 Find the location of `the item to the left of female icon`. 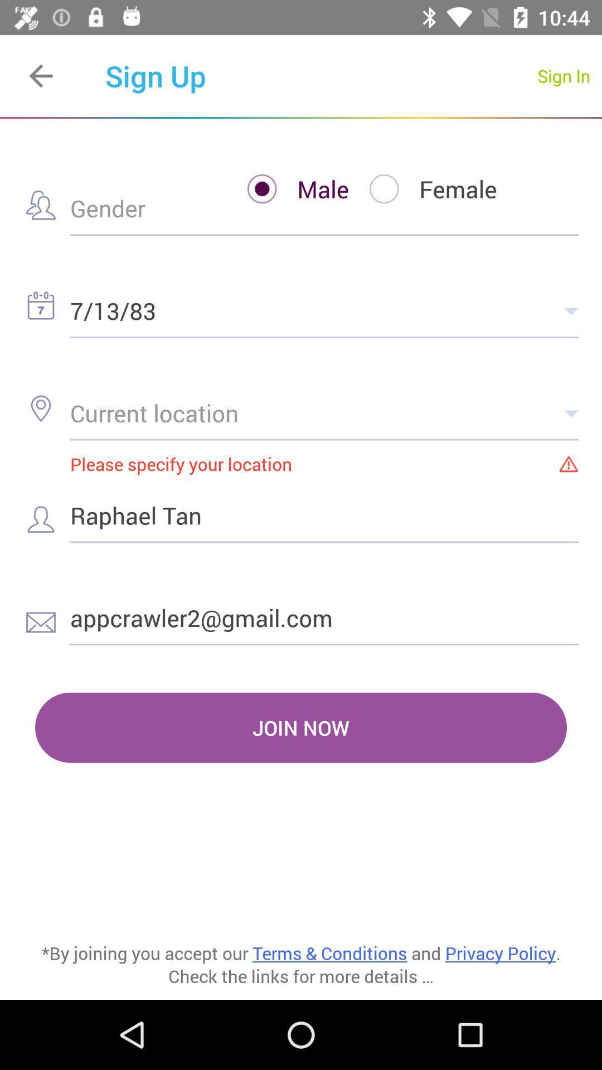

the item to the left of female icon is located at coordinates (287, 189).